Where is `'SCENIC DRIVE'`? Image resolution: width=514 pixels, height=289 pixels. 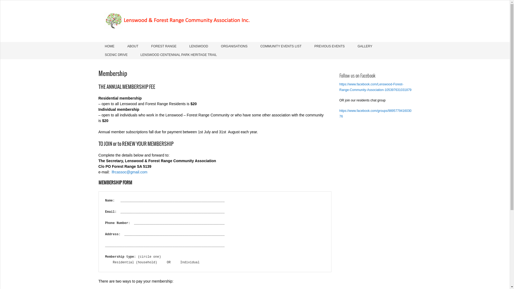 'SCENIC DRIVE' is located at coordinates (99, 55).